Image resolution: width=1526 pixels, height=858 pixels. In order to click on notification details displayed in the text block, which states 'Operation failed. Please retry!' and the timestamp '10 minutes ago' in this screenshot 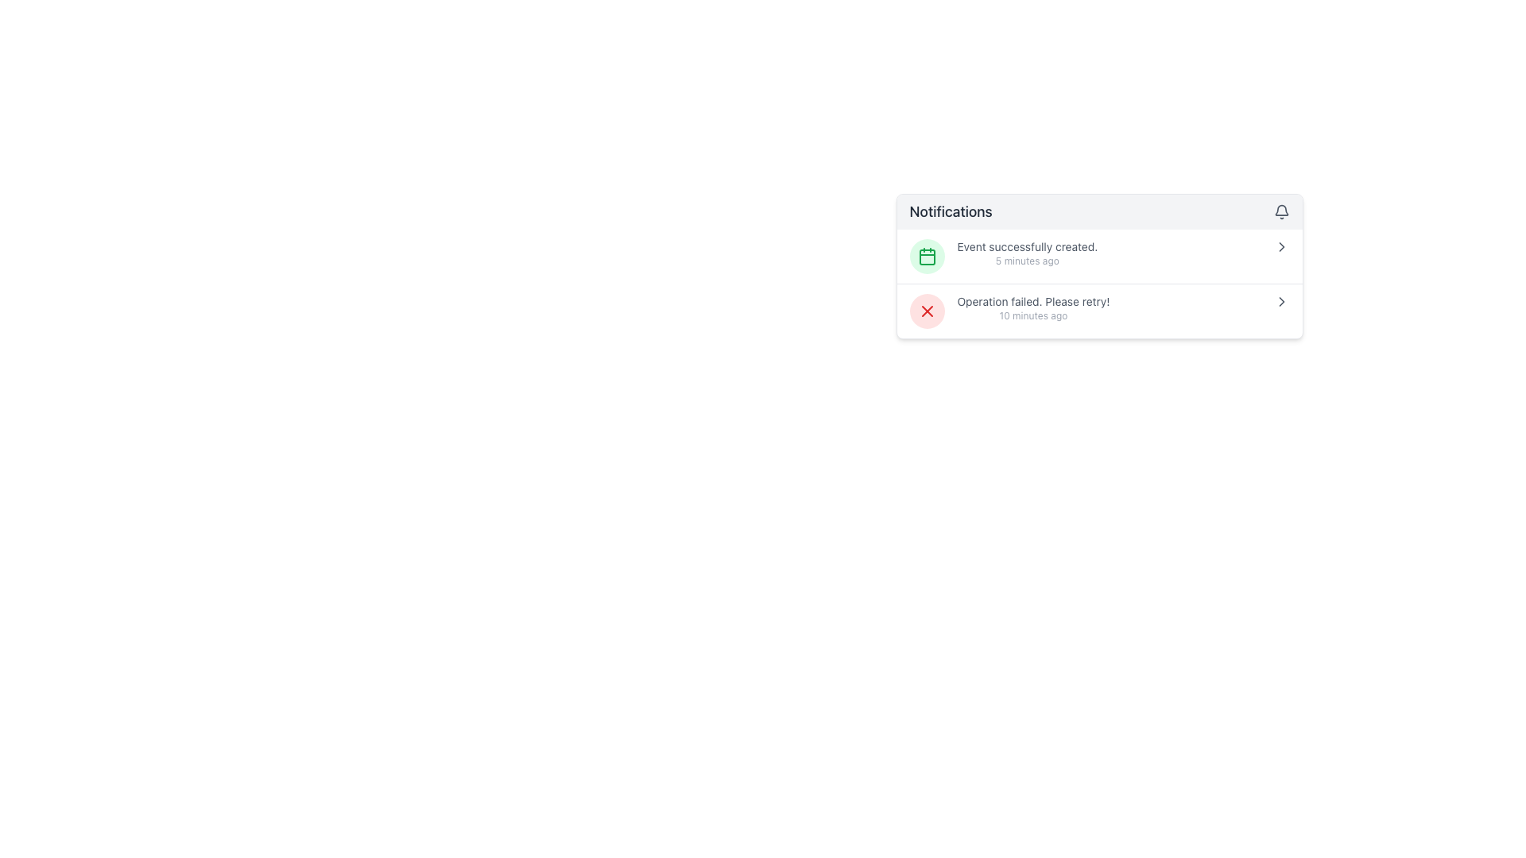, I will do `click(1033, 308)`.